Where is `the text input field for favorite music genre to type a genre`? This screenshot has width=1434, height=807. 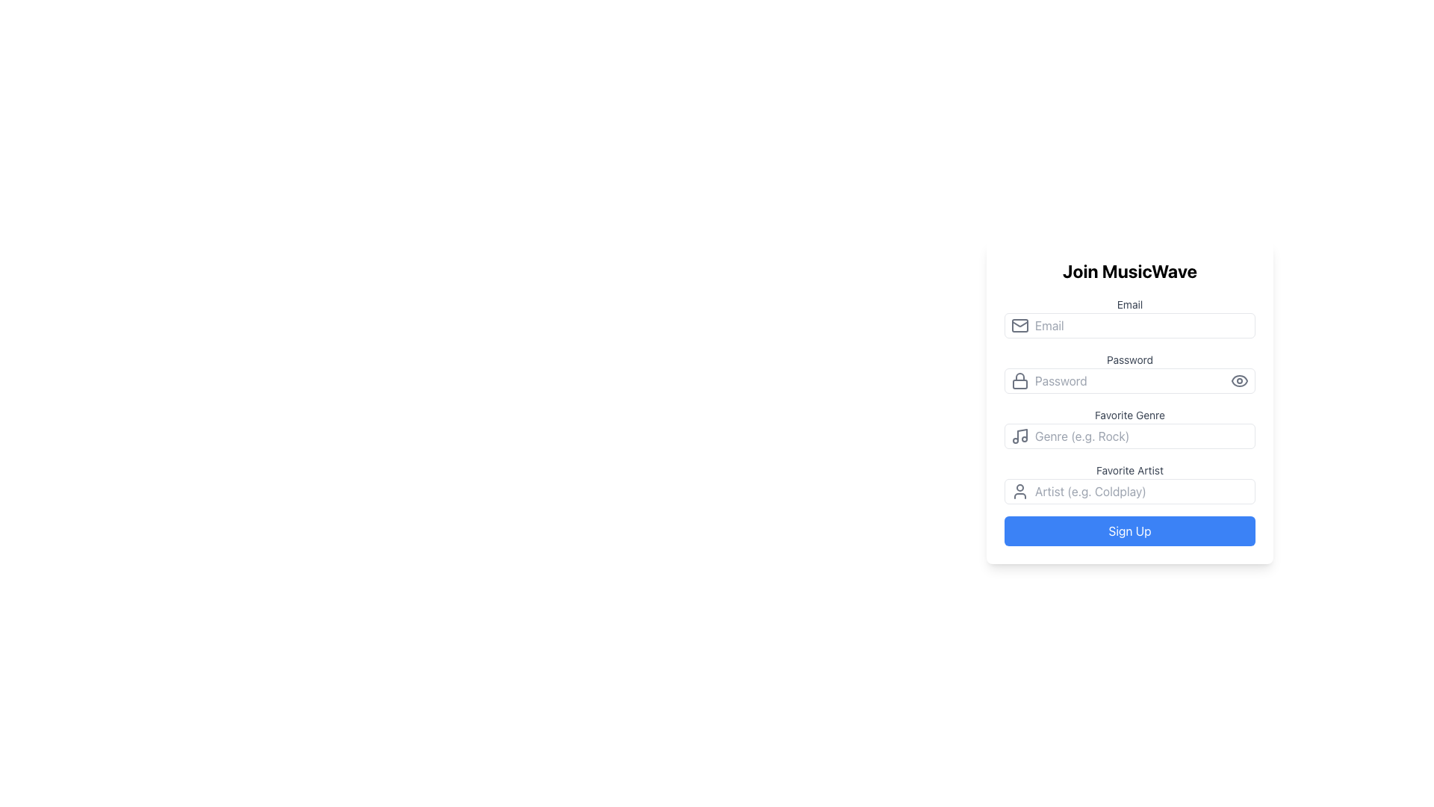 the text input field for favorite music genre to type a genre is located at coordinates (1129, 427).